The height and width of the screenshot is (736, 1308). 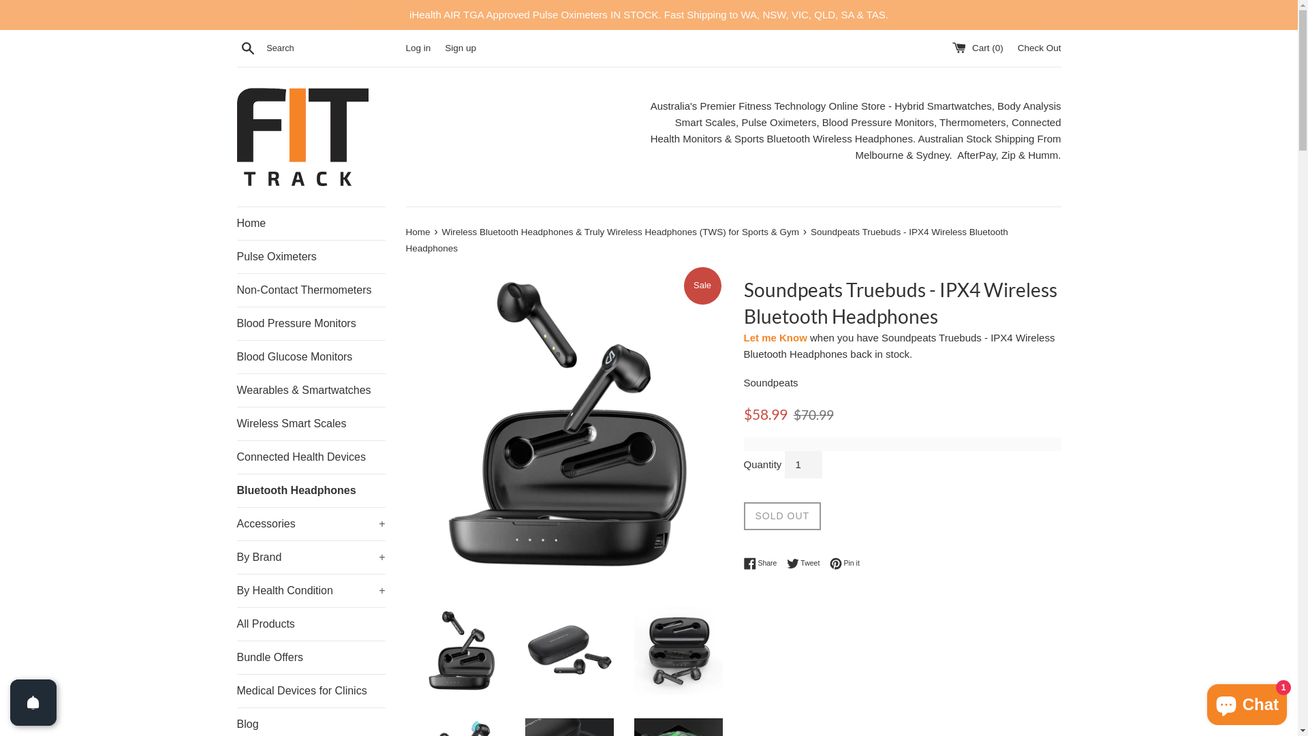 I want to click on 'Bluetooth Headphones', so click(x=310, y=491).